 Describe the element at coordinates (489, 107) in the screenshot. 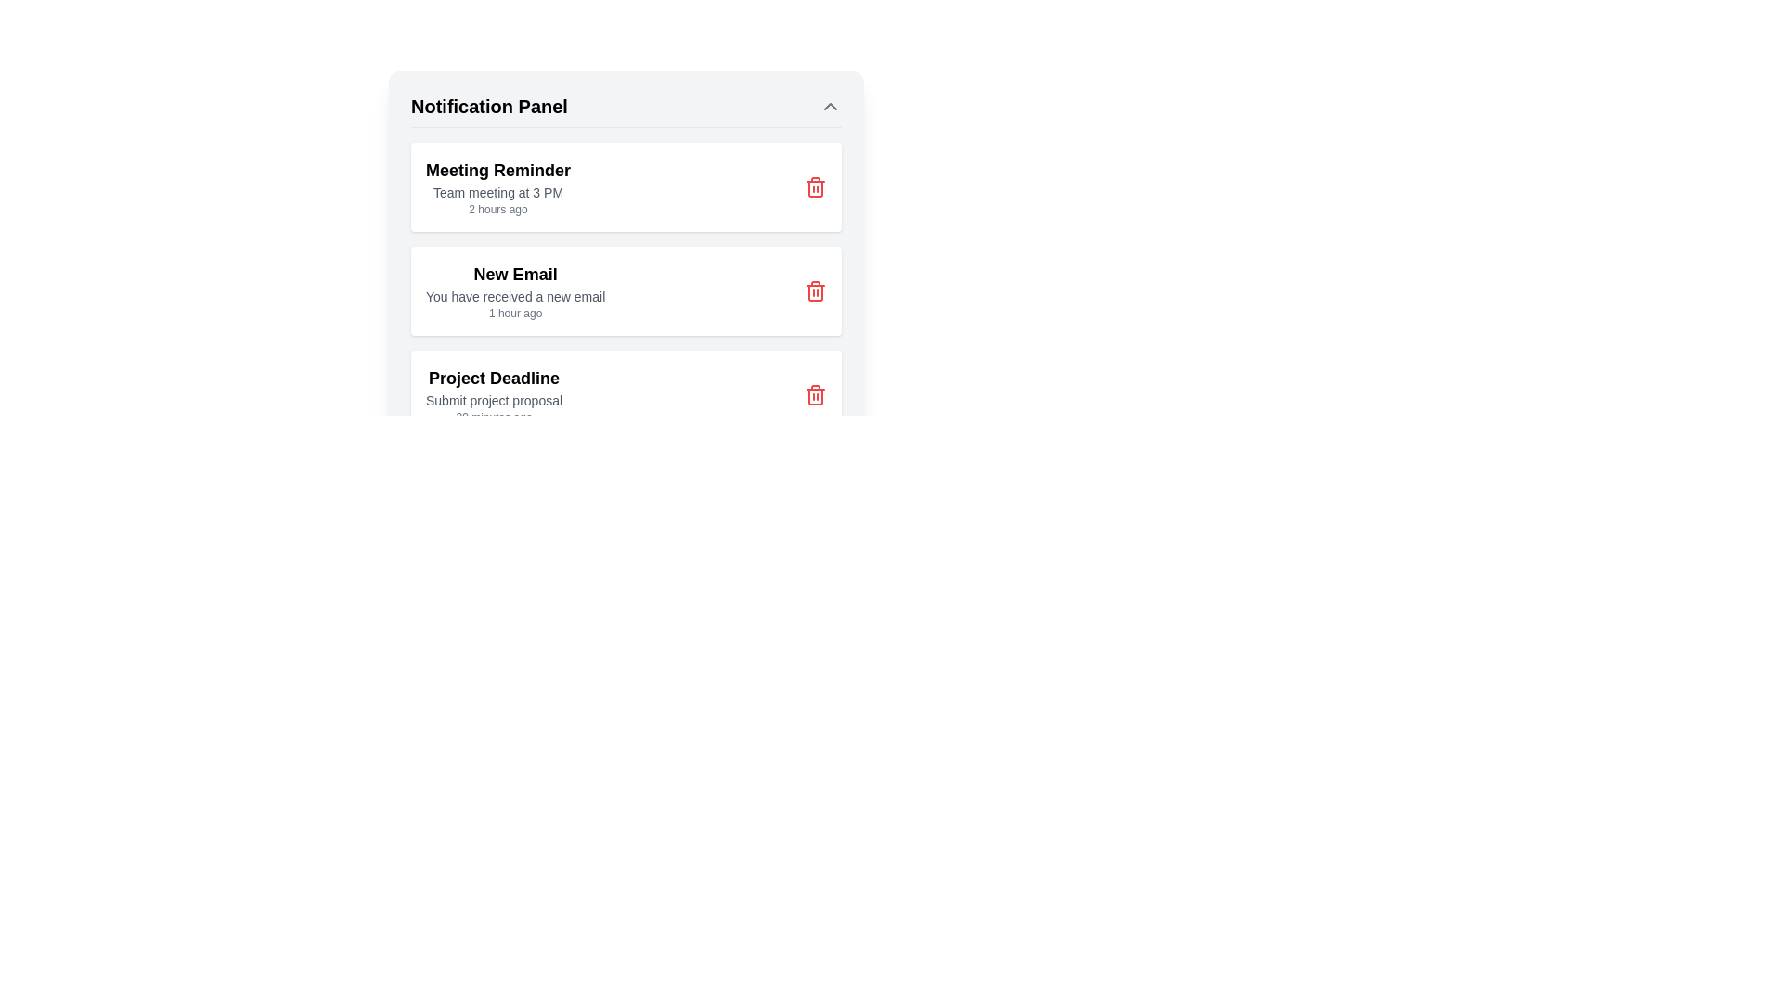

I see `the bold text label displaying 'Notification Panel' located at the top section of the notifications interface` at that location.